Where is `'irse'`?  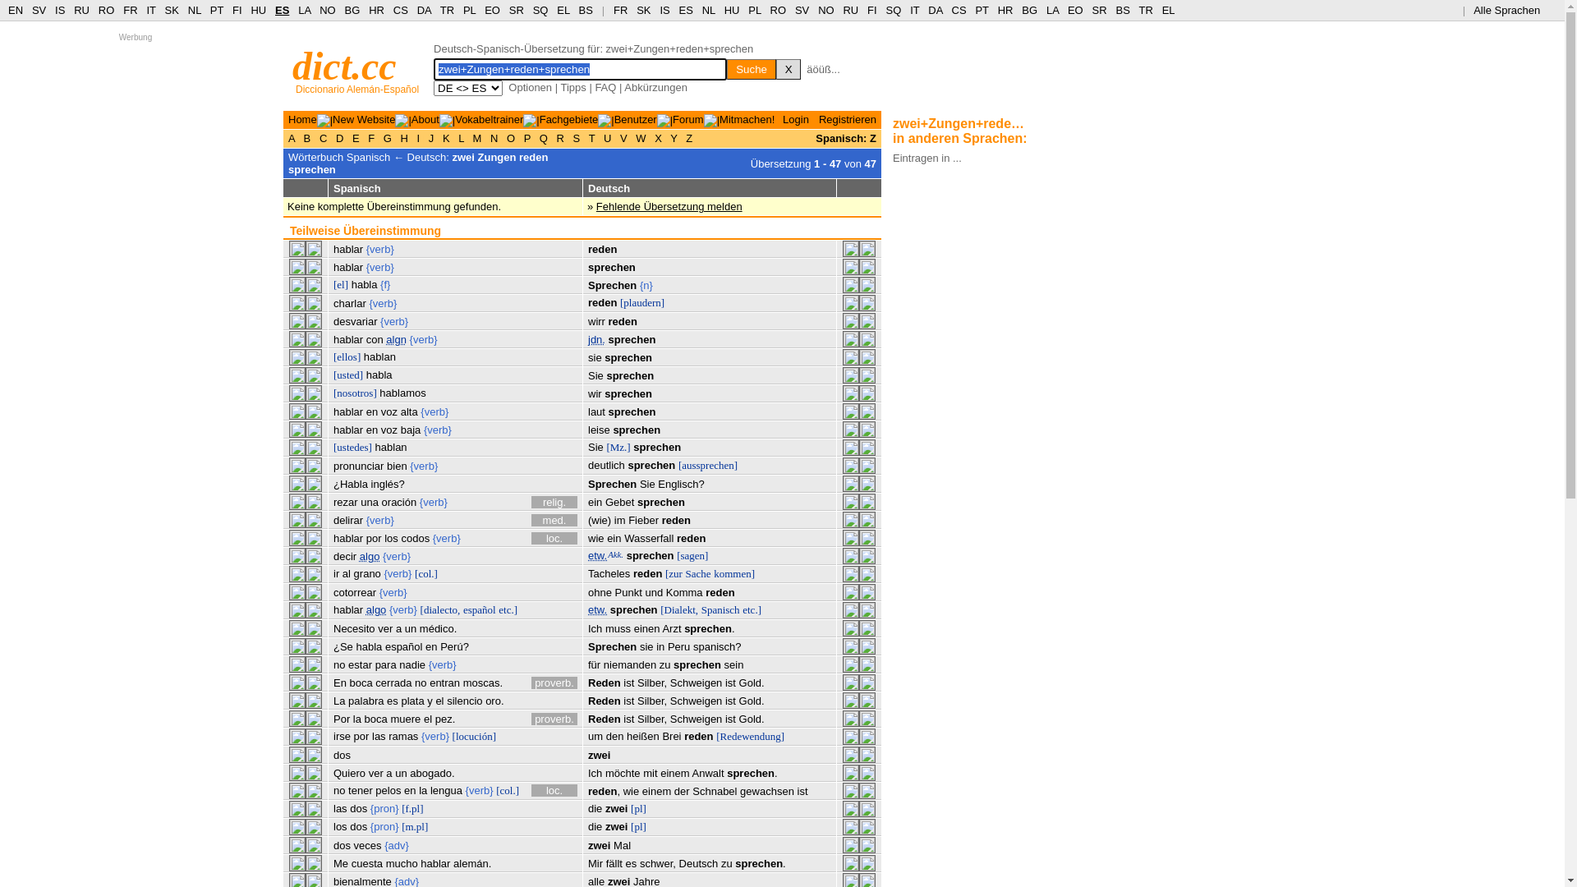
'irse' is located at coordinates (333, 735).